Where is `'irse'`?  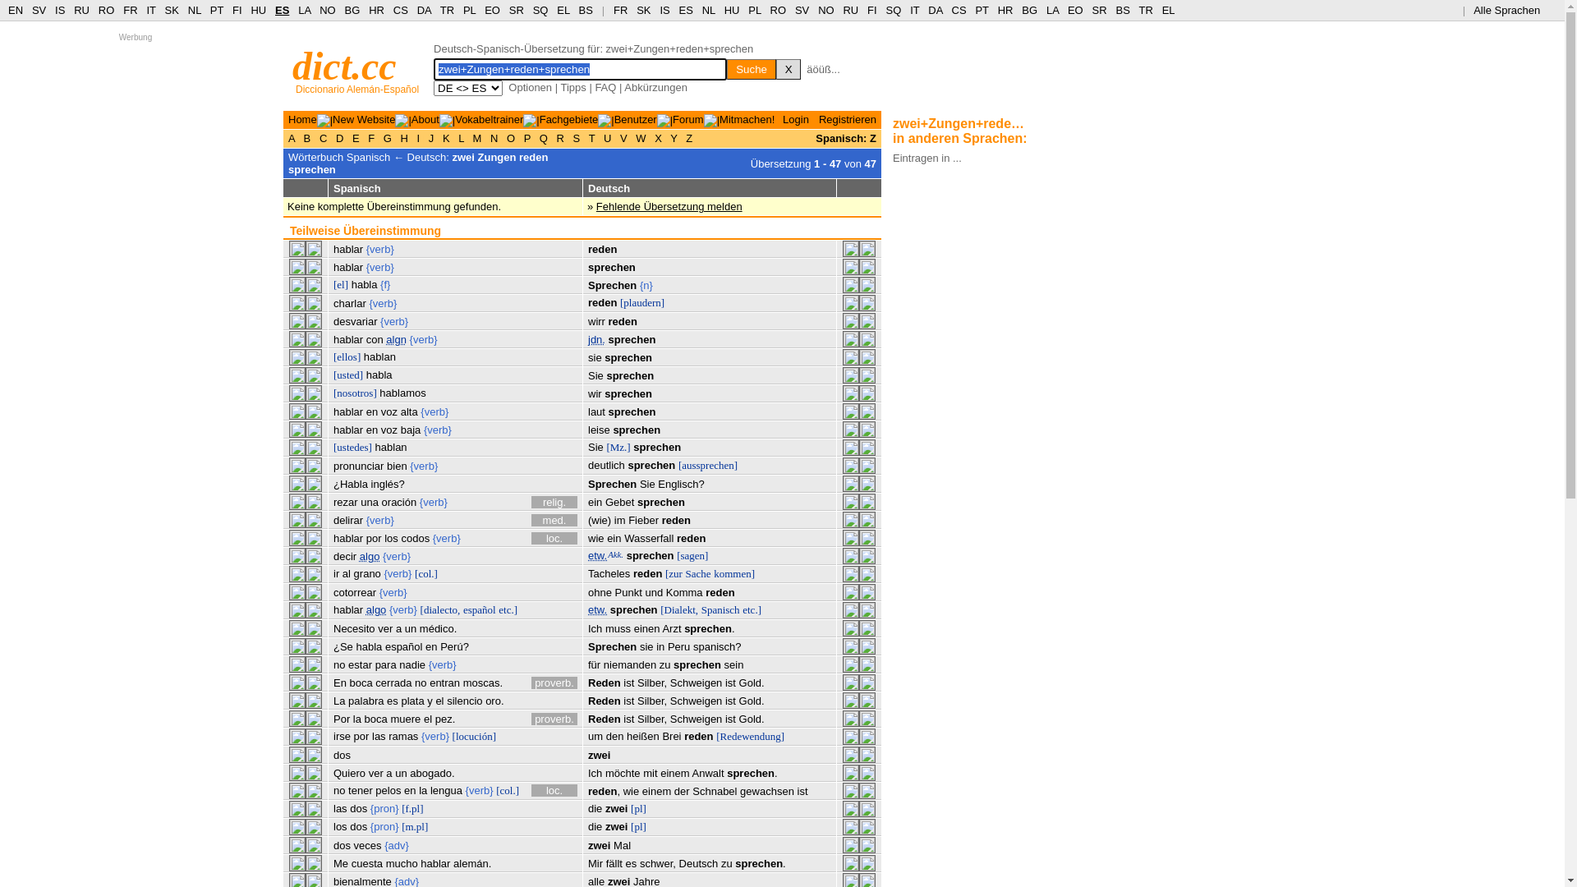
'irse' is located at coordinates (333, 735).